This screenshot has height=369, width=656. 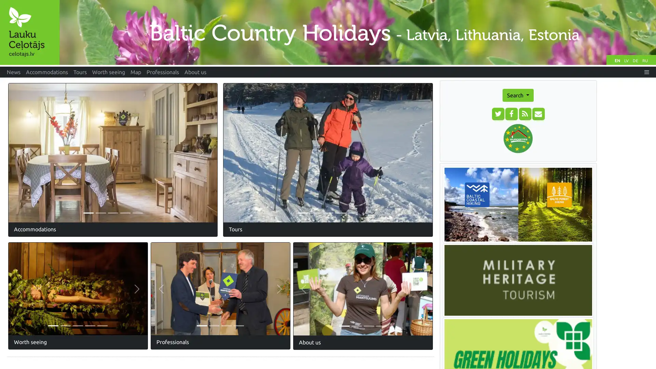 I want to click on Next, so click(x=416, y=152).